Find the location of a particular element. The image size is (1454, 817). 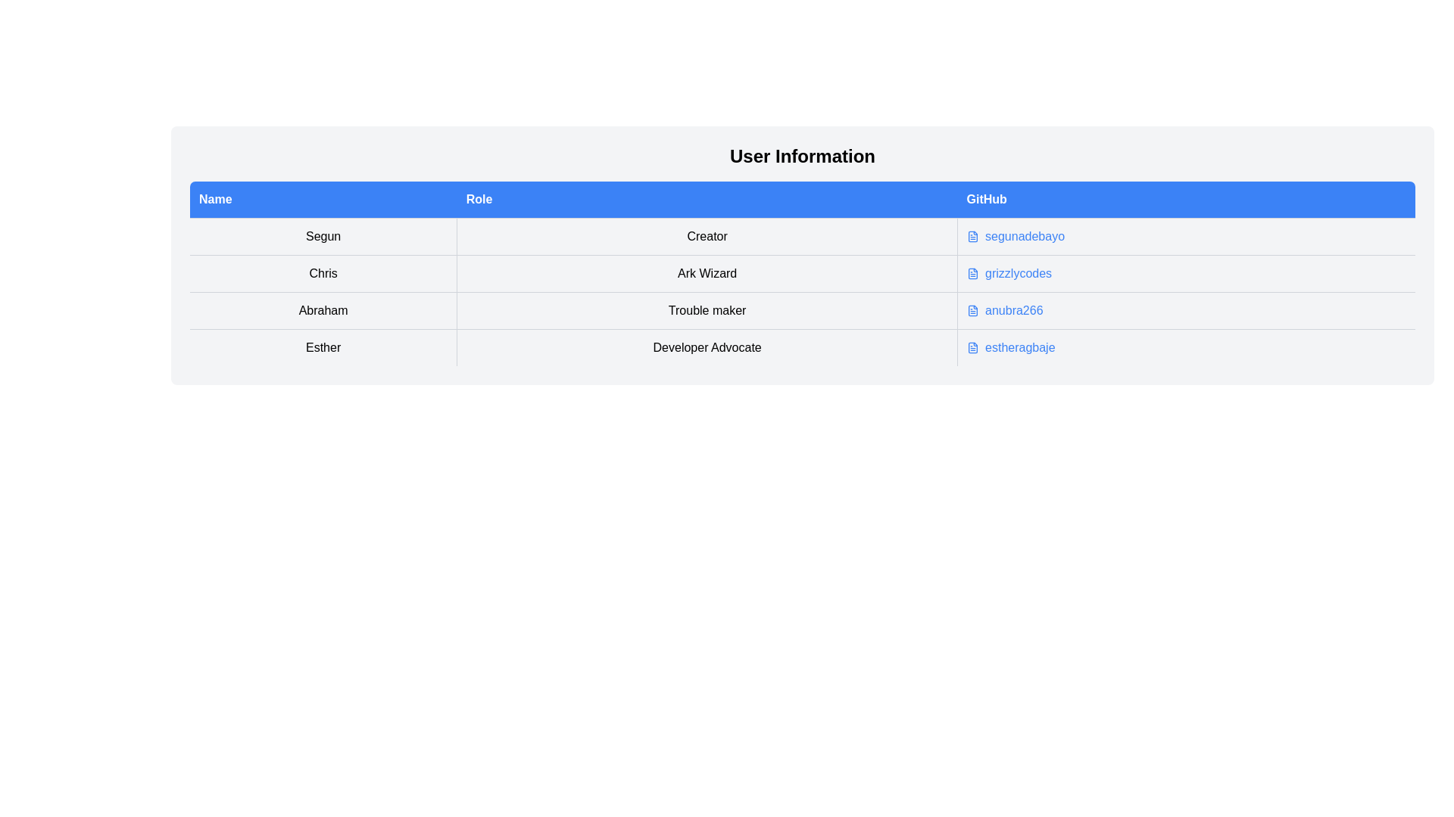

interactive link for 'estheragbaje' located in the fourth row under the 'GitHub' column, positioned to the far right of the row is located at coordinates (1186, 347).